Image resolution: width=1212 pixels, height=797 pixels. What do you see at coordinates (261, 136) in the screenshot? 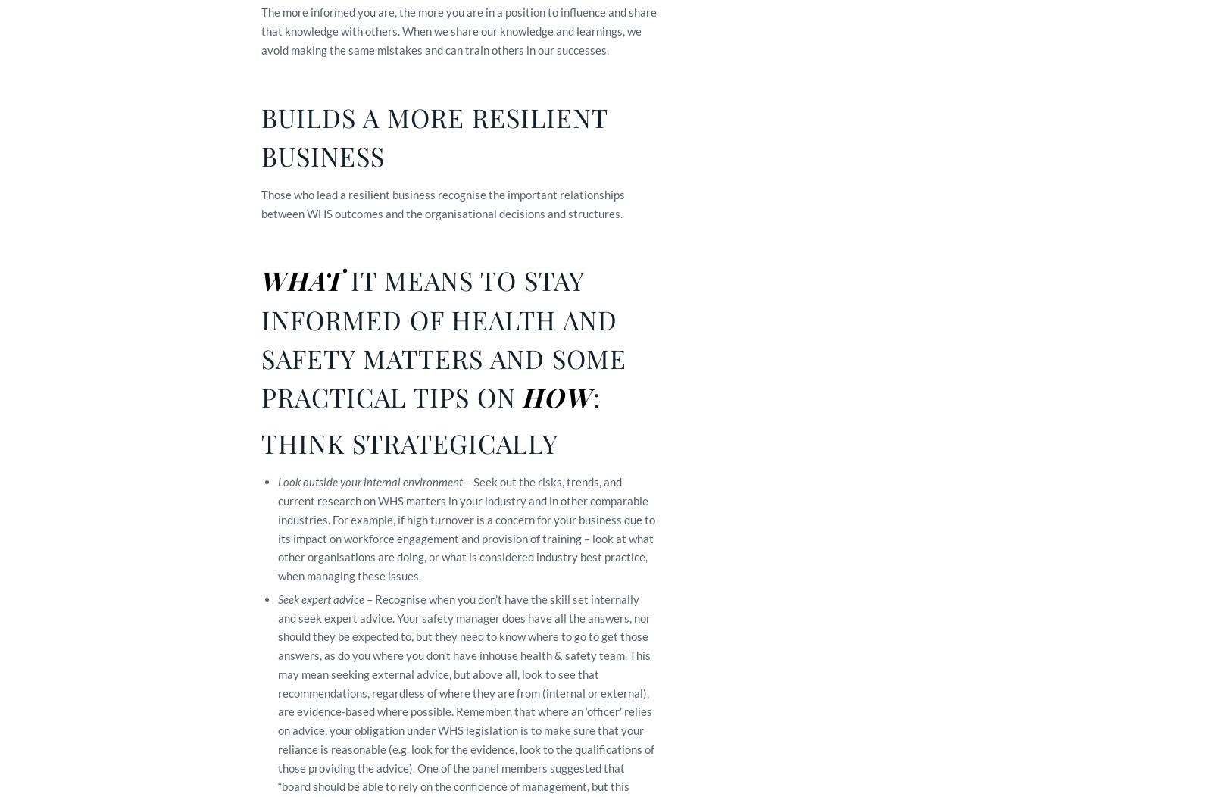
I see `'Builds a more resilient business'` at bounding box center [261, 136].